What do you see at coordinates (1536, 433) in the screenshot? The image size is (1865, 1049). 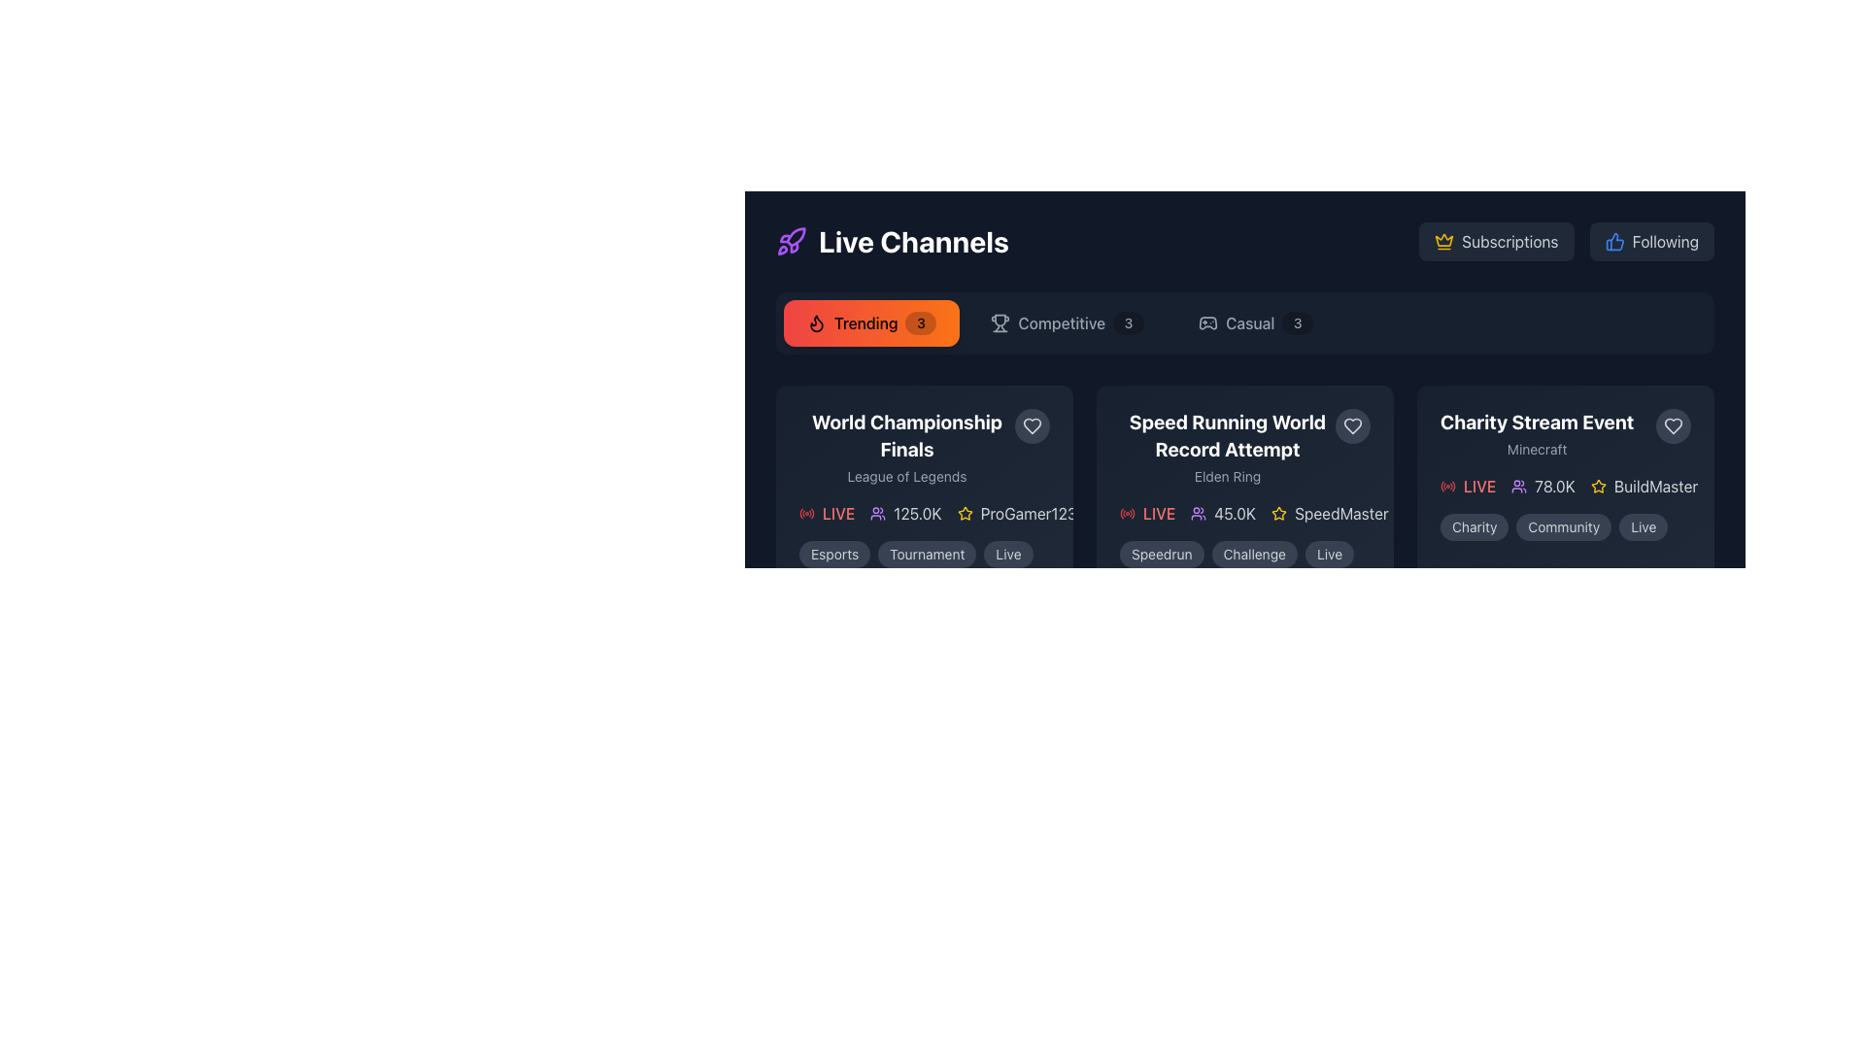 I see `text from the 'Charity Stream Event' label, which displays 'Charity Stream Event' in bold white font and 'Minecraft' in smaller gray font, located within the third column of the 'Live Channels' section` at bounding box center [1536, 433].